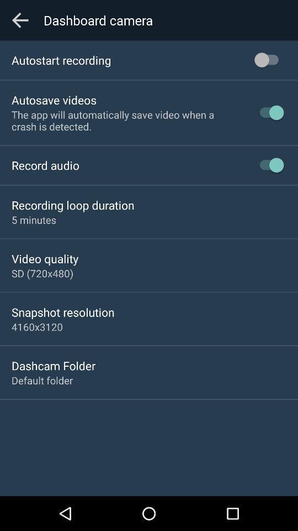  I want to click on default folder, so click(41, 380).